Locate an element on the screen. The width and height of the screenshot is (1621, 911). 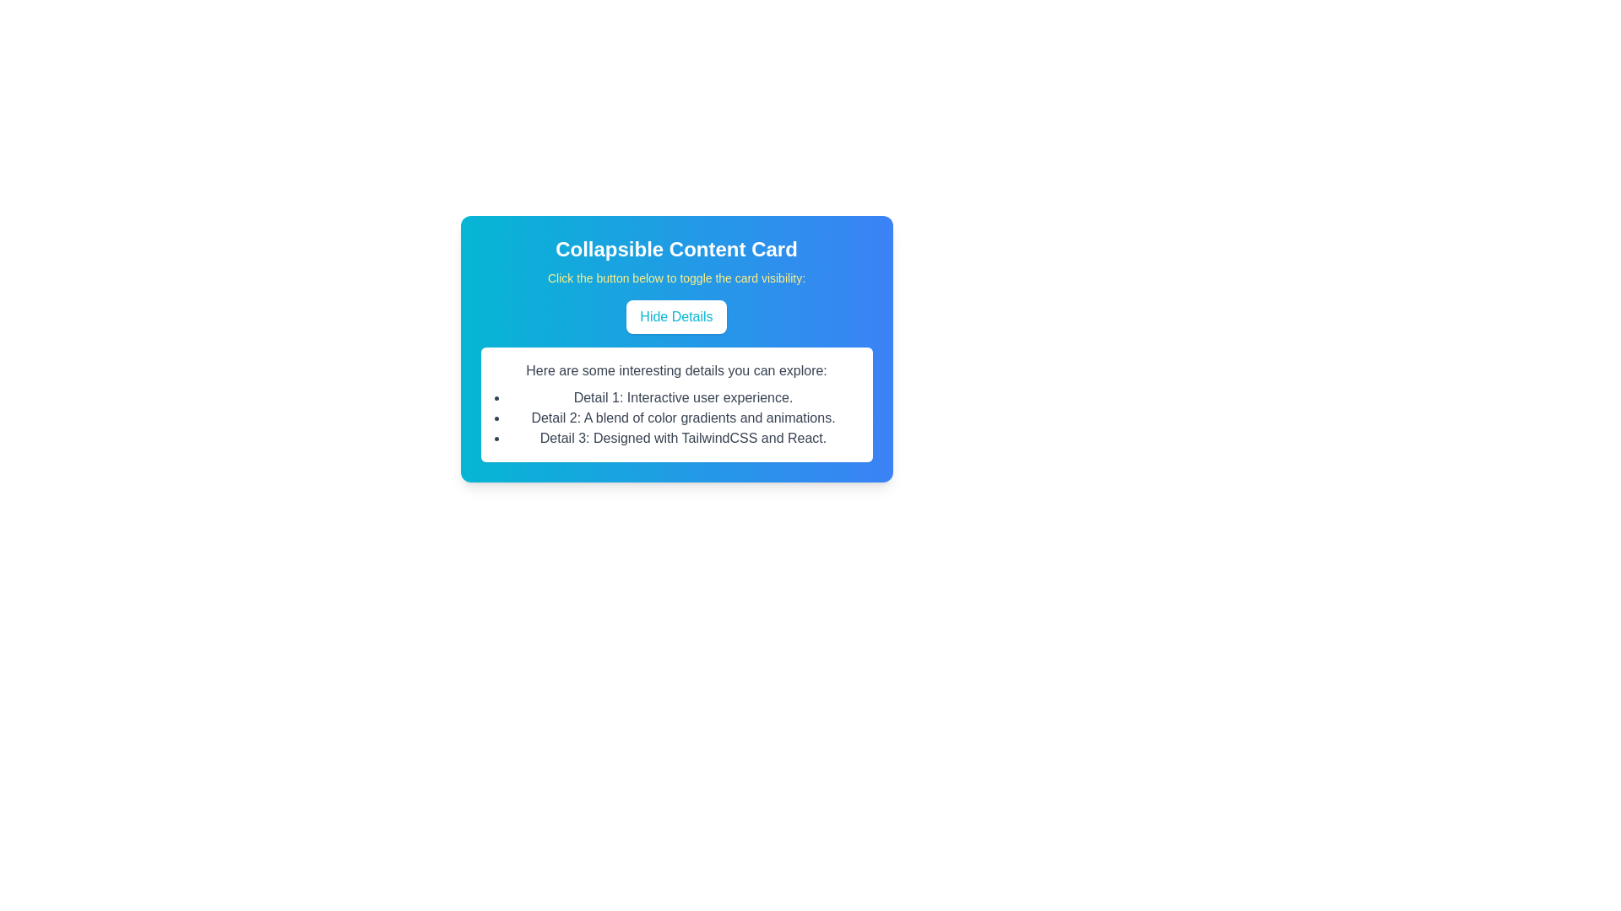
the introductory heading text element located below the 'Hide Details' button, which serves as a description for the details listed below it is located at coordinates (676, 369).